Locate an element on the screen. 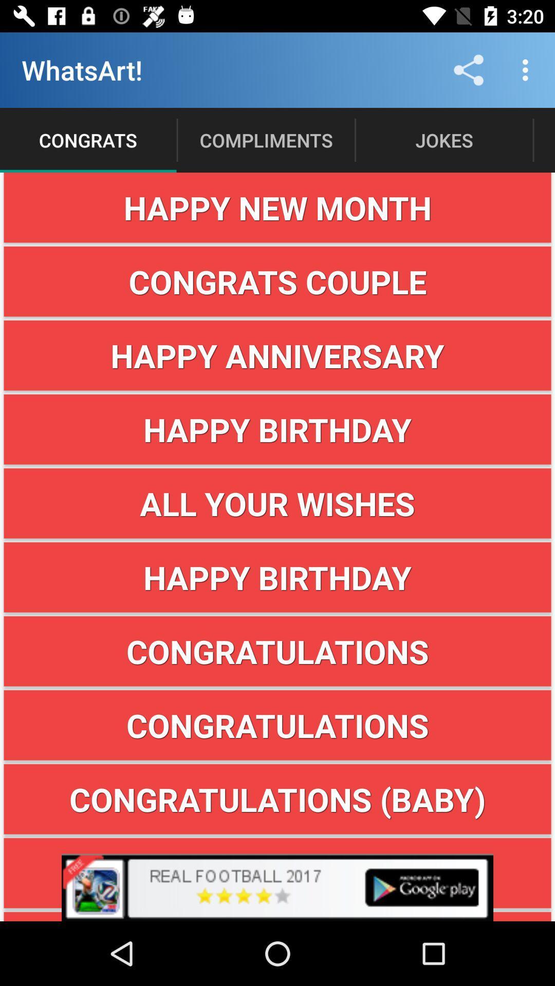 The height and width of the screenshot is (986, 555). the button above the wow item is located at coordinates (277, 799).